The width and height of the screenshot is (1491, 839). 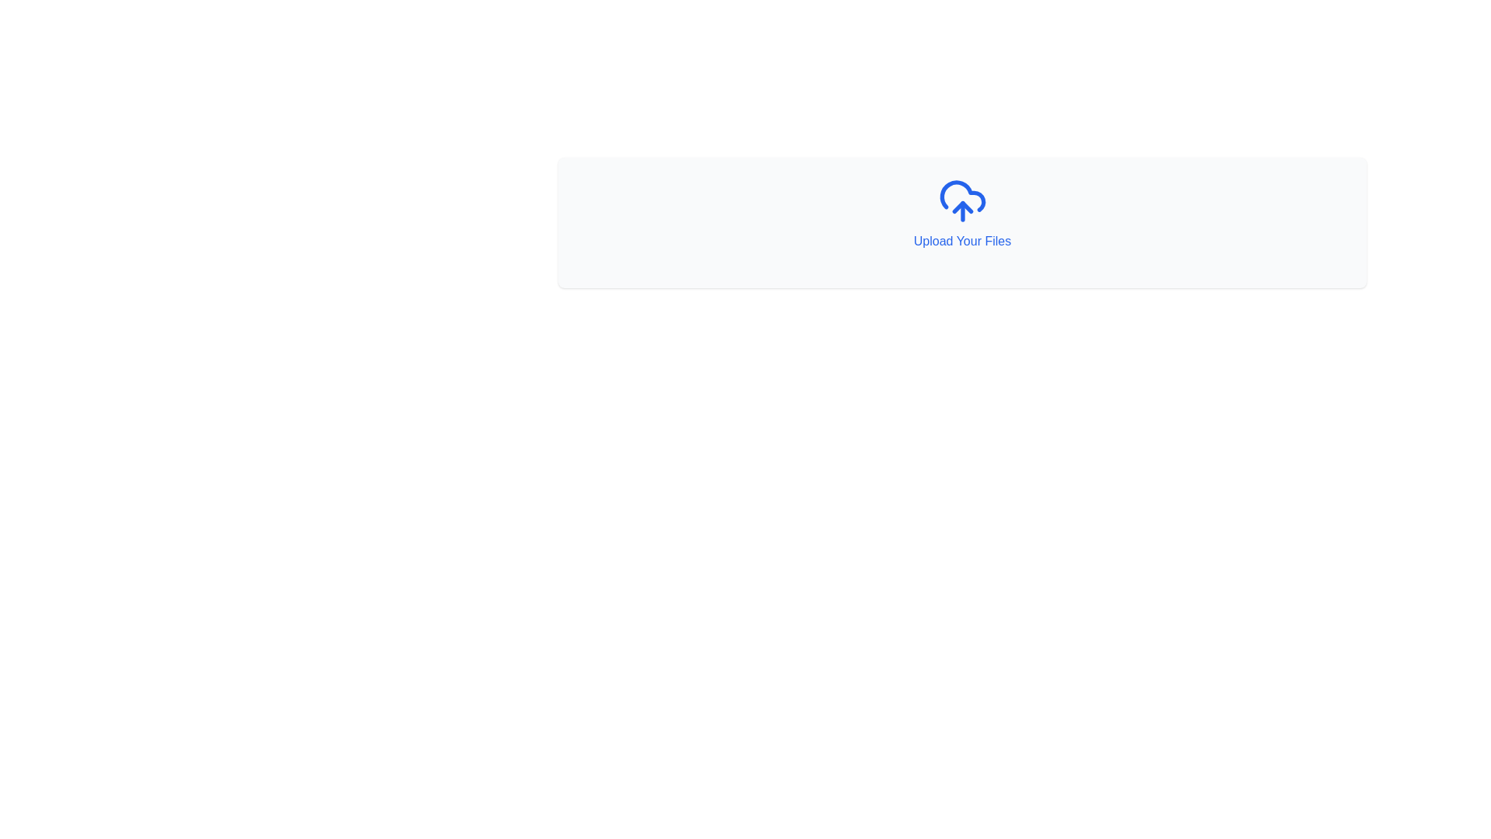 I want to click on the text label that says 'Upload Your Files', which is styled in blue and located below a cloud icon in a white rectangular interface, so click(x=961, y=242).